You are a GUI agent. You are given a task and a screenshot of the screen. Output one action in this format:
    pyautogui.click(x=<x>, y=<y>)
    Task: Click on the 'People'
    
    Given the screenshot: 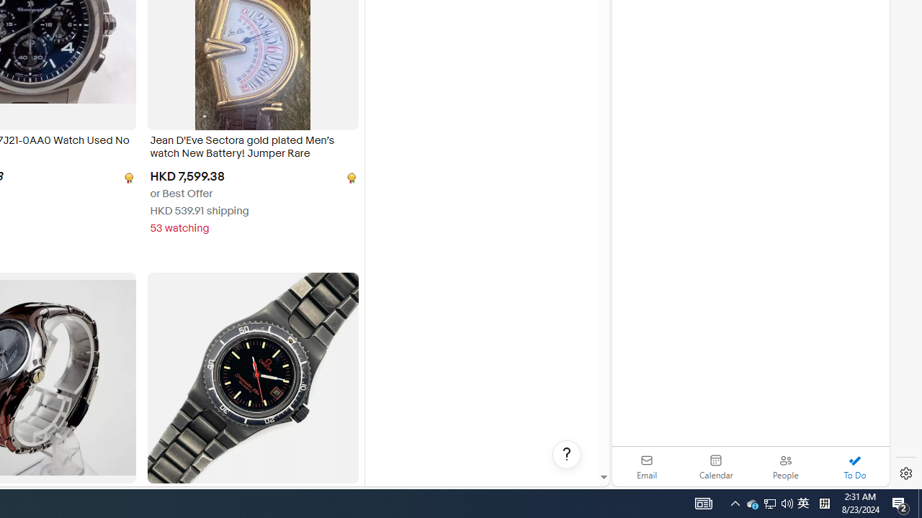 What is the action you would take?
    pyautogui.click(x=784, y=466)
    